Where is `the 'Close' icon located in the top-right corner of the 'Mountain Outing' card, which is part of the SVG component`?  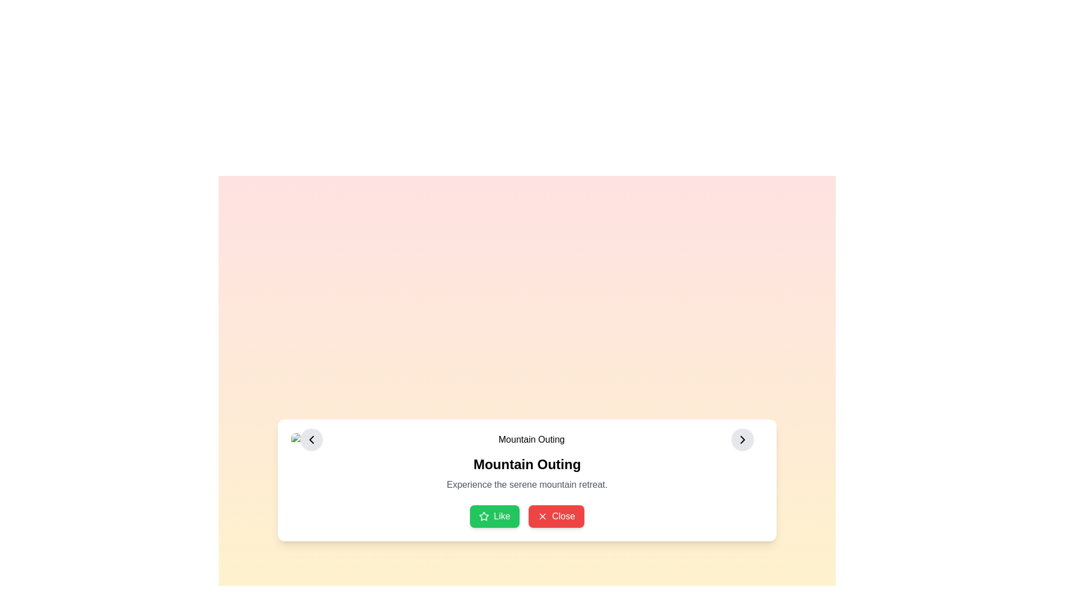
the 'Close' icon located in the top-right corner of the 'Mountain Outing' card, which is part of the SVG component is located at coordinates (542, 516).